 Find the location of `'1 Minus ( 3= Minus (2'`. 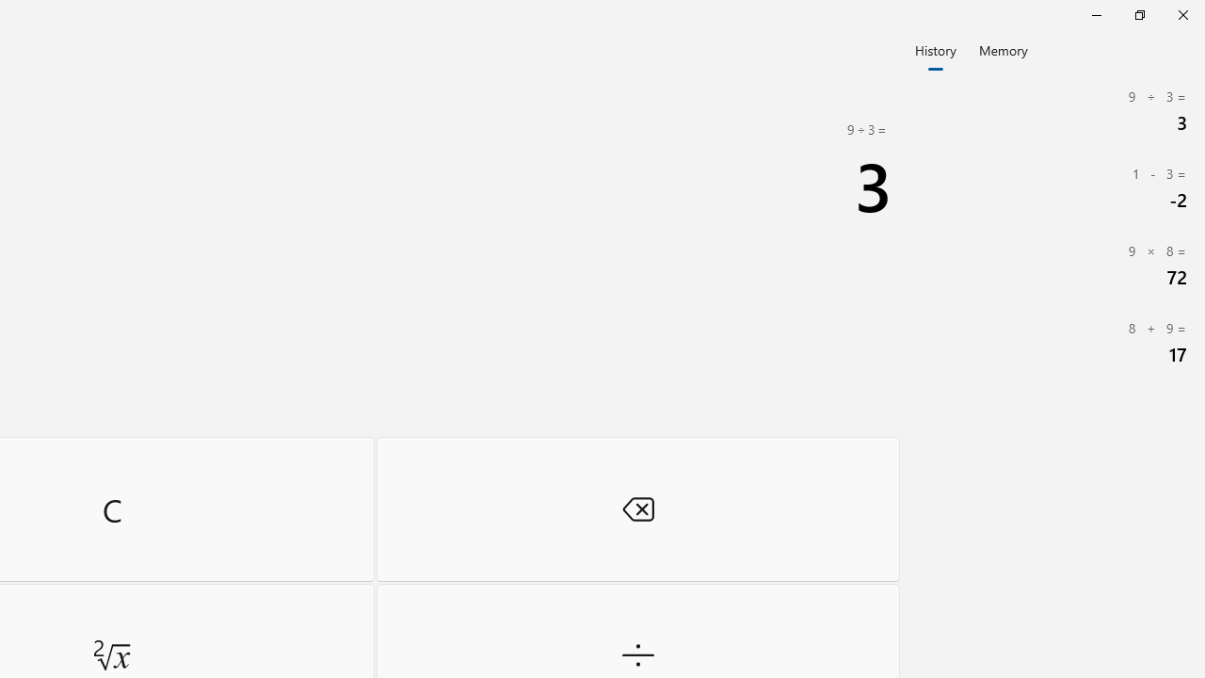

'1 Minus ( 3= Minus (2' is located at coordinates (1054, 188).